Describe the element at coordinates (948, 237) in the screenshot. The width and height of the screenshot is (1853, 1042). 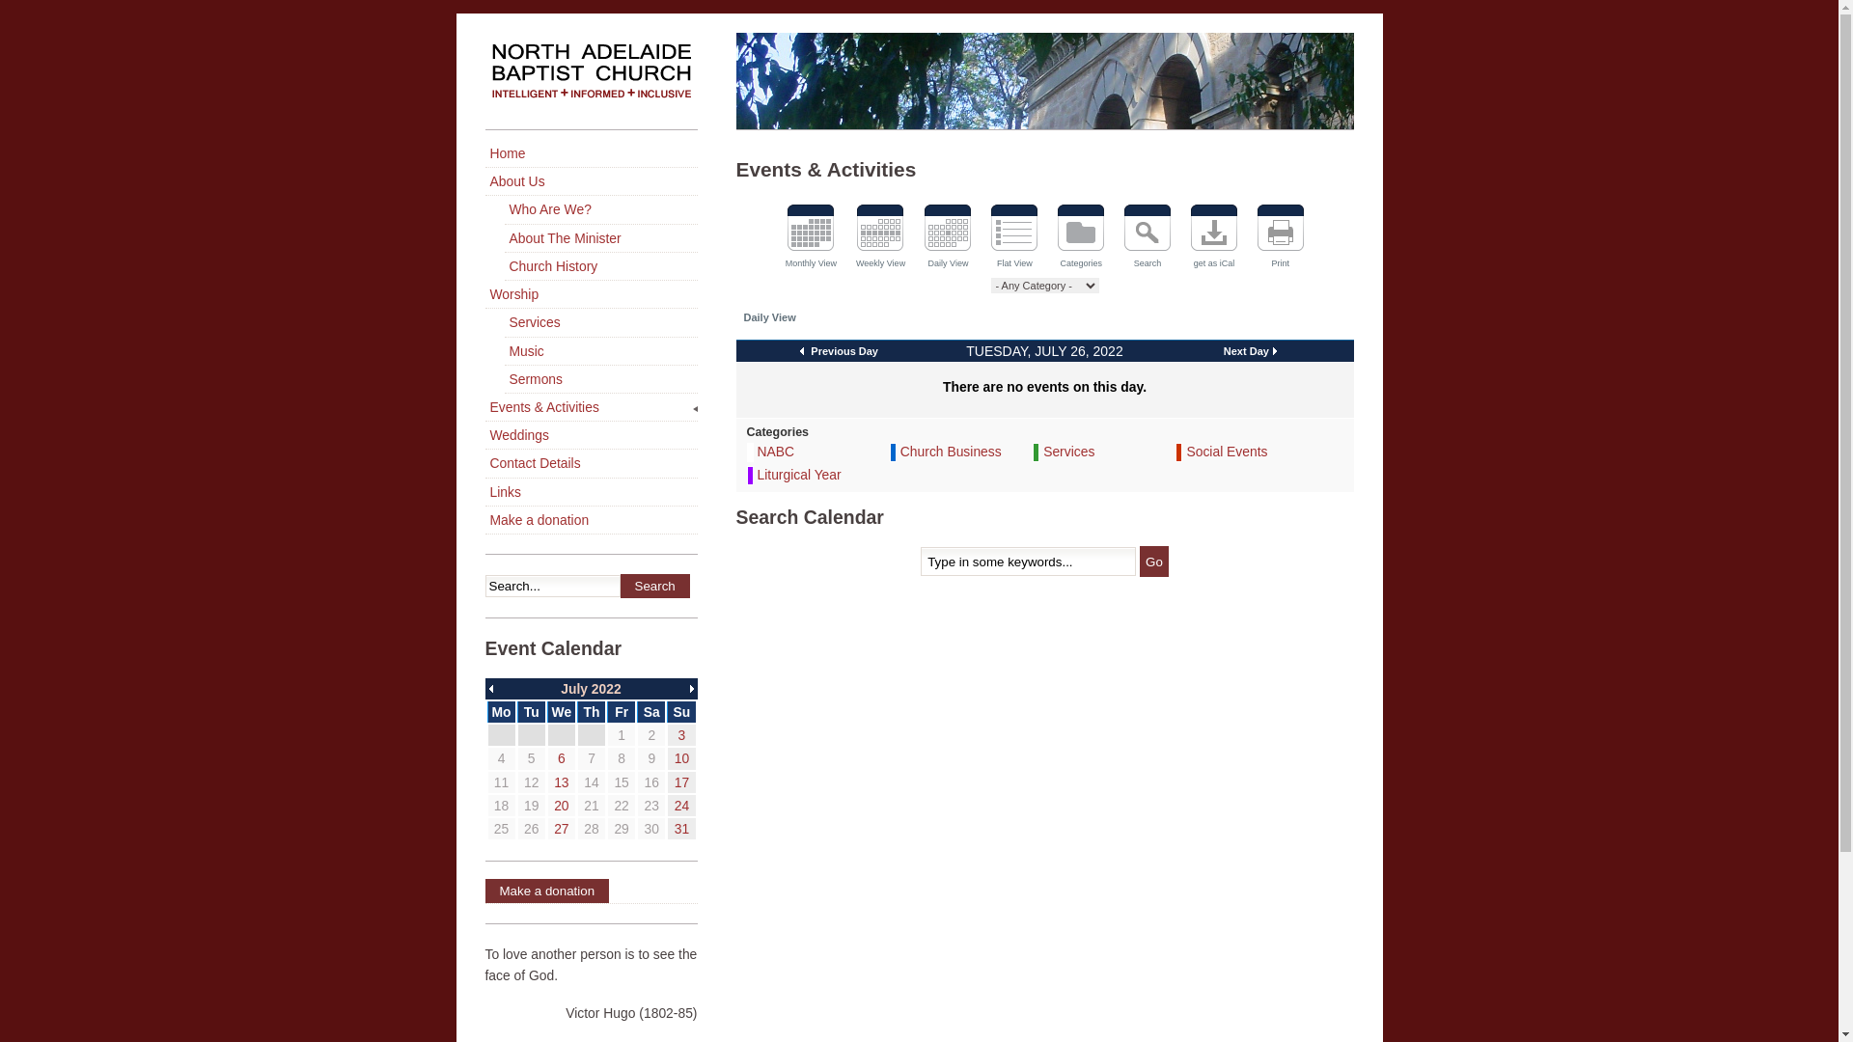
I see `'Daily View'` at that location.